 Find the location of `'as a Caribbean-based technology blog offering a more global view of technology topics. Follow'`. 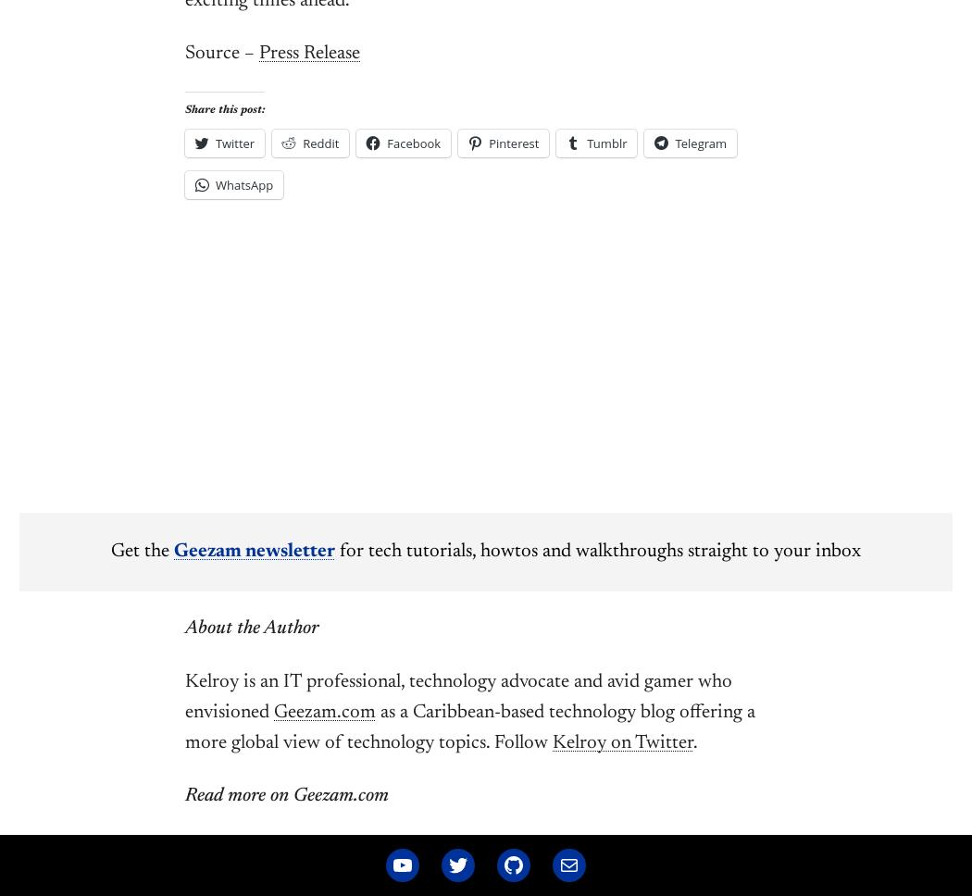

'as a Caribbean-based technology blog offering a more global view of technology topics. Follow' is located at coordinates (468, 727).